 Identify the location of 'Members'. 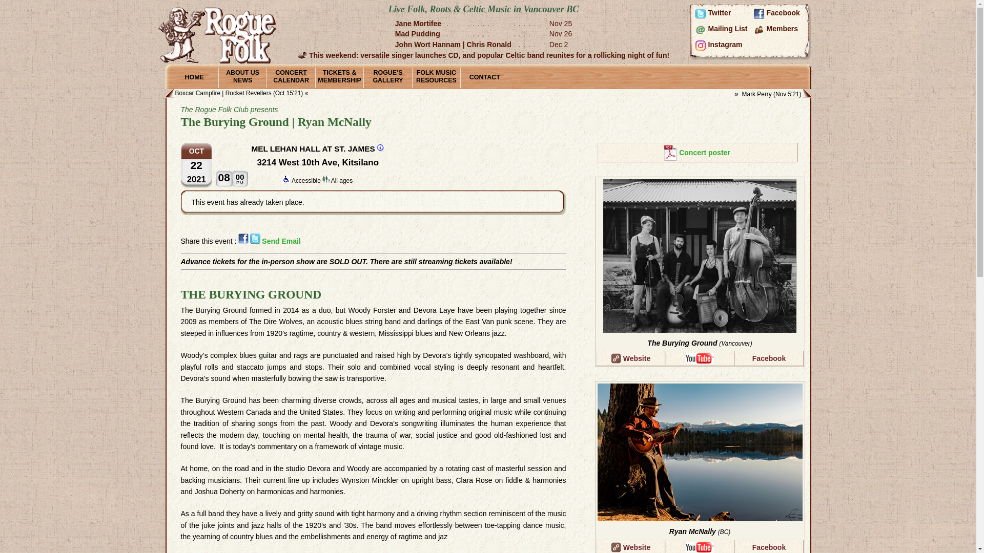
(782, 29).